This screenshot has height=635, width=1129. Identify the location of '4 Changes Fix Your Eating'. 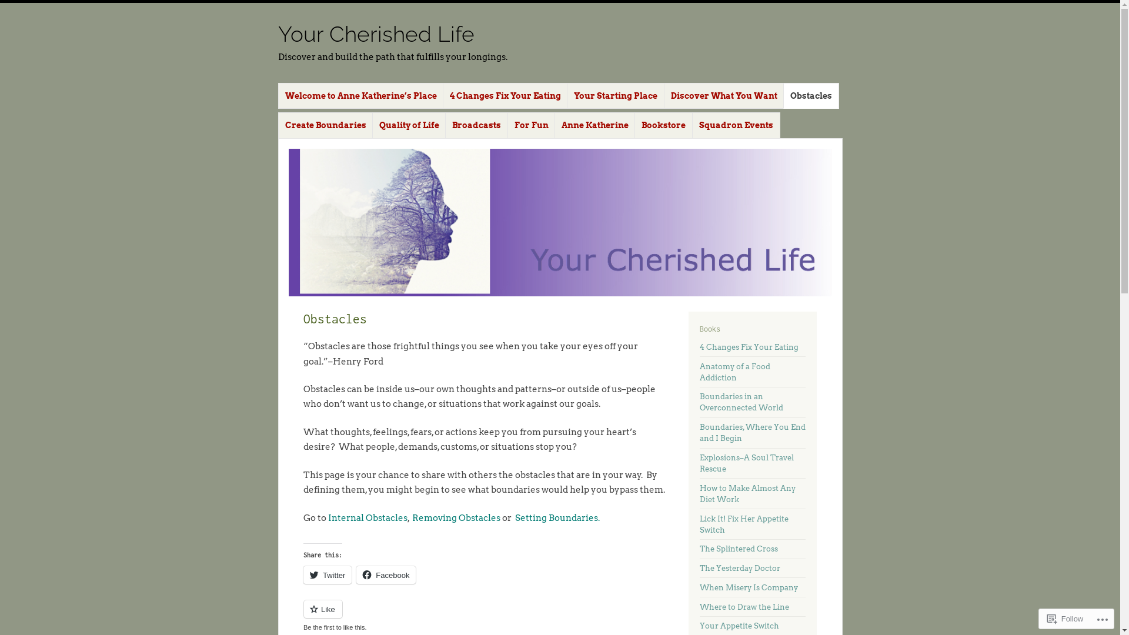
(748, 346).